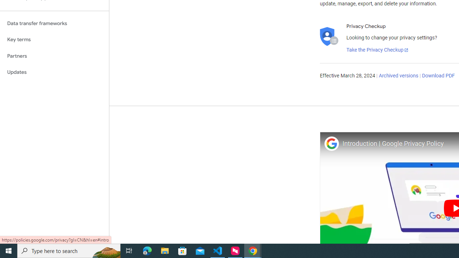 This screenshot has height=258, width=459. I want to click on 'Photo image of Google', so click(331, 143).